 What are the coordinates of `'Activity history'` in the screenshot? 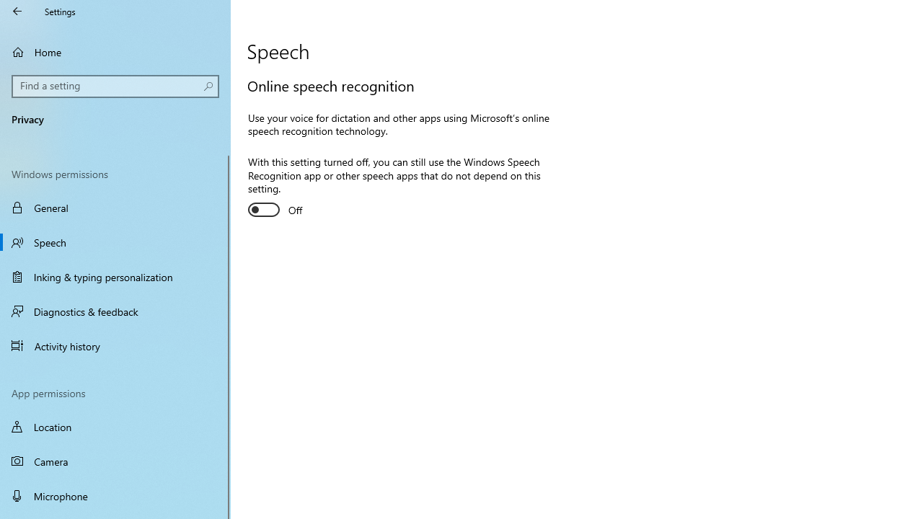 It's located at (115, 345).